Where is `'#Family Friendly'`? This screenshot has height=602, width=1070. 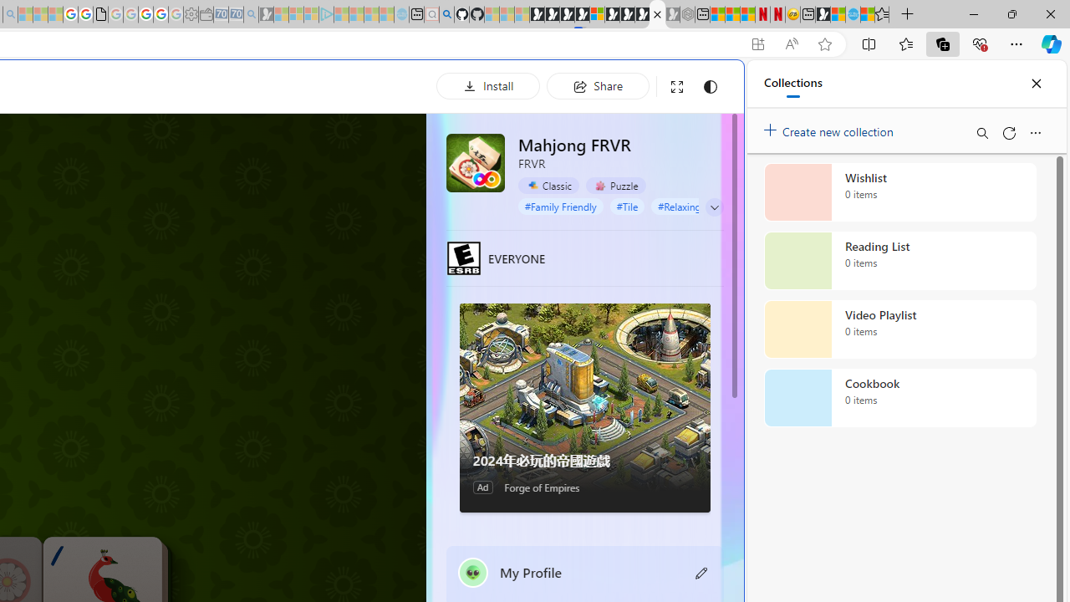 '#Family Friendly' is located at coordinates (560, 205).